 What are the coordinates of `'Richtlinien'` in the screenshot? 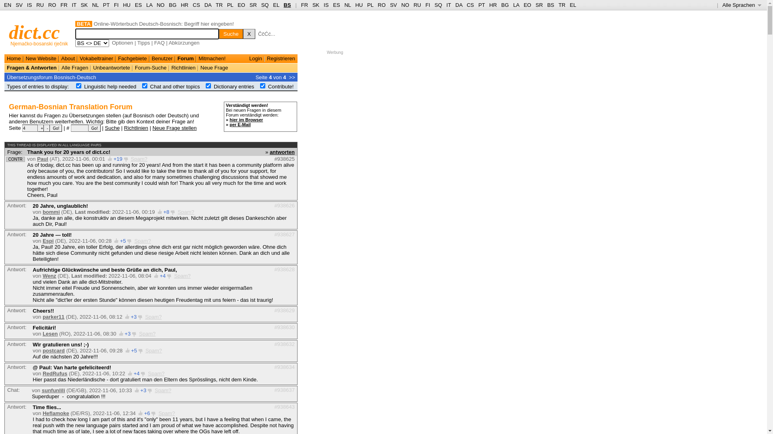 It's located at (136, 127).